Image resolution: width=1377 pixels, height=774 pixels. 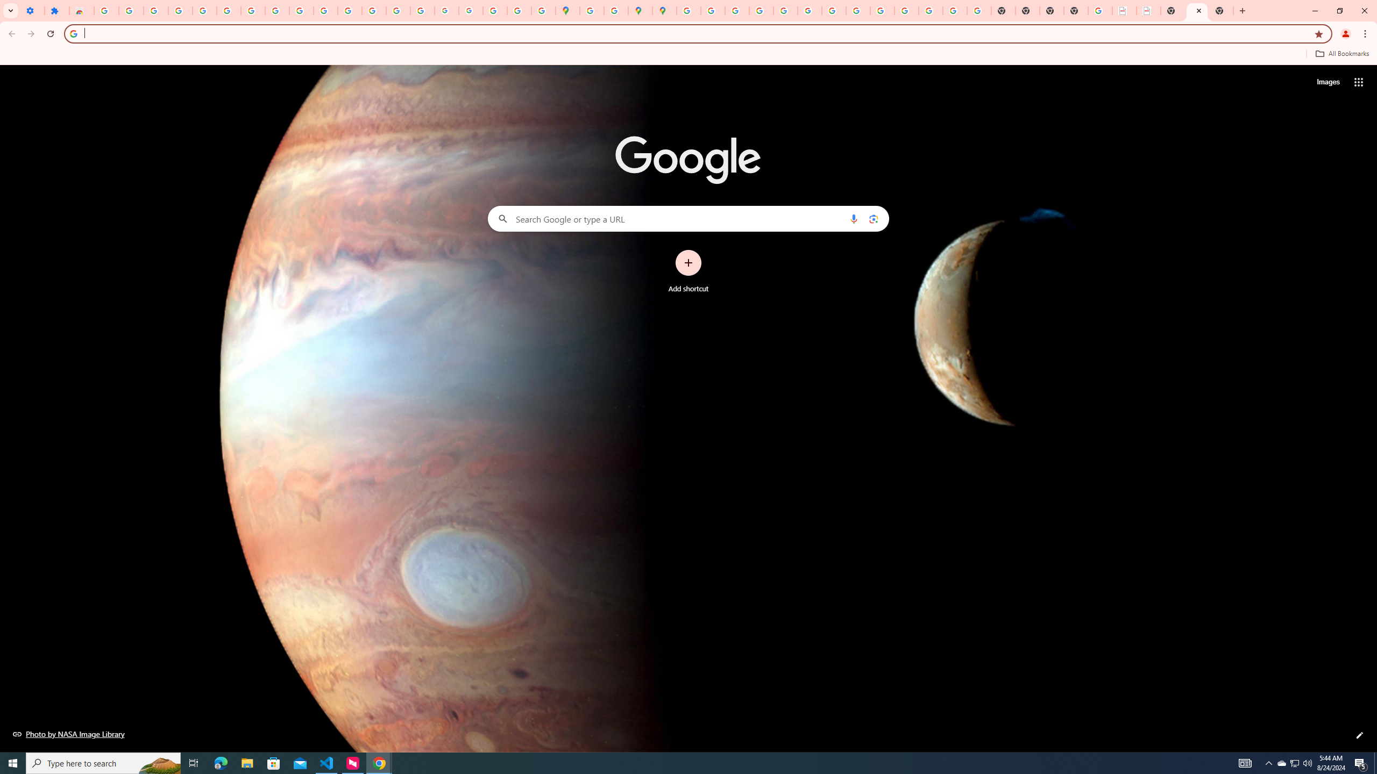 I want to click on 'Extensions', so click(x=56, y=10).